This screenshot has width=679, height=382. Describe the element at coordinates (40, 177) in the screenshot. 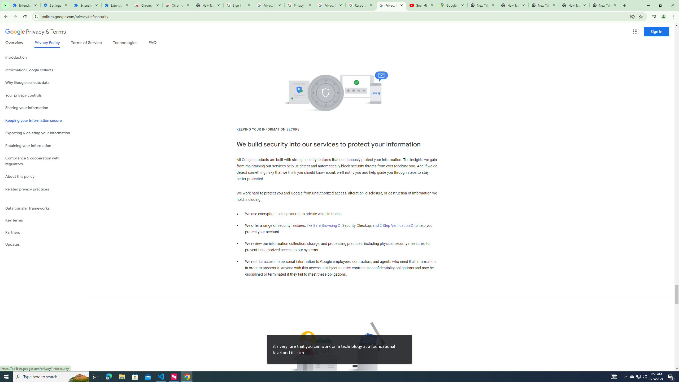

I see `'About this policy'` at that location.